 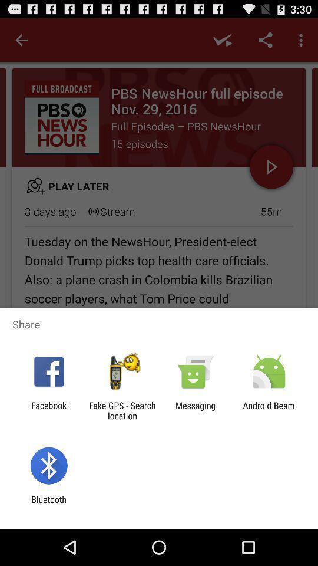 I want to click on the item to the right of fake gps search item, so click(x=196, y=410).